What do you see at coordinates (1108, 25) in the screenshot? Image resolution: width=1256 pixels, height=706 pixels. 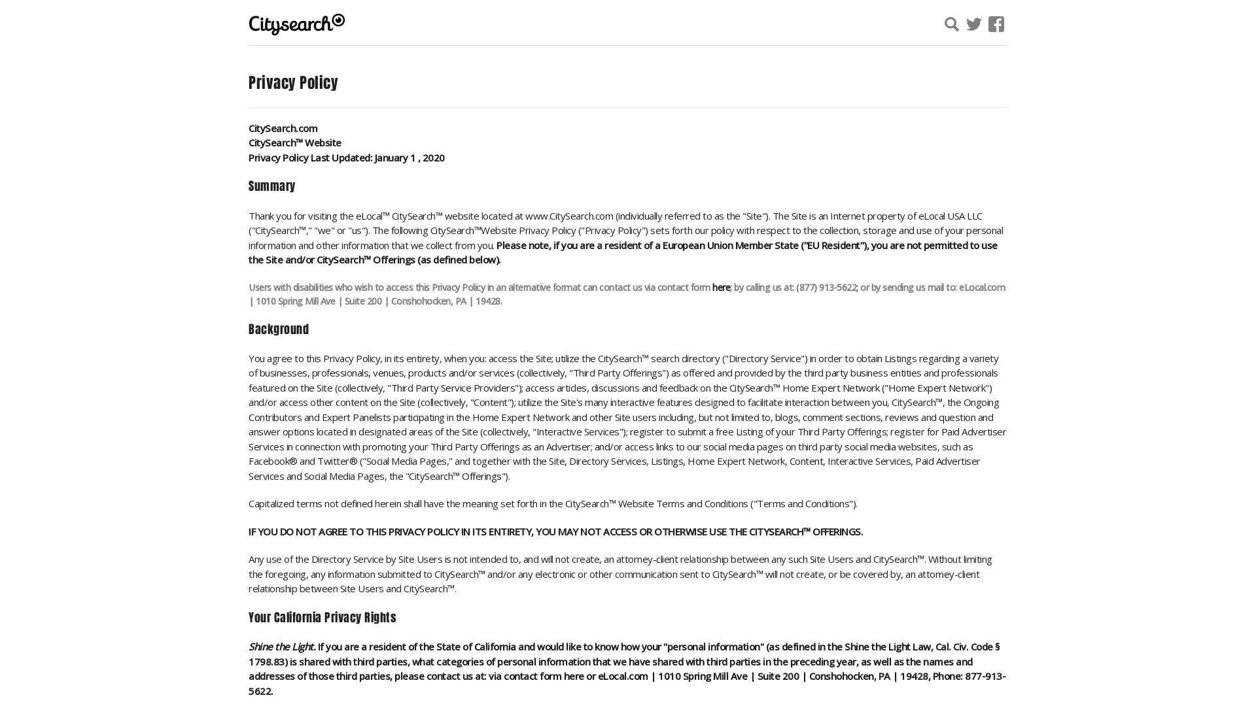 I see `Search` at bounding box center [1108, 25].